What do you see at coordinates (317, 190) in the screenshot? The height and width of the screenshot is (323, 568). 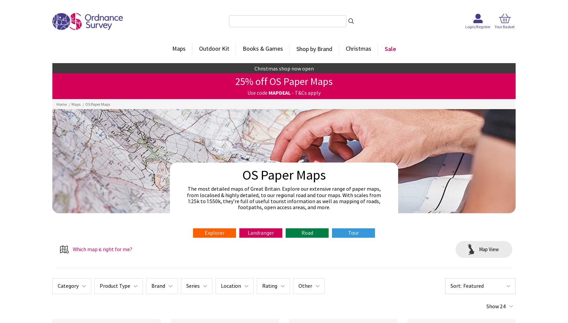 I see `'See all OS Landranger Maps'` at bounding box center [317, 190].